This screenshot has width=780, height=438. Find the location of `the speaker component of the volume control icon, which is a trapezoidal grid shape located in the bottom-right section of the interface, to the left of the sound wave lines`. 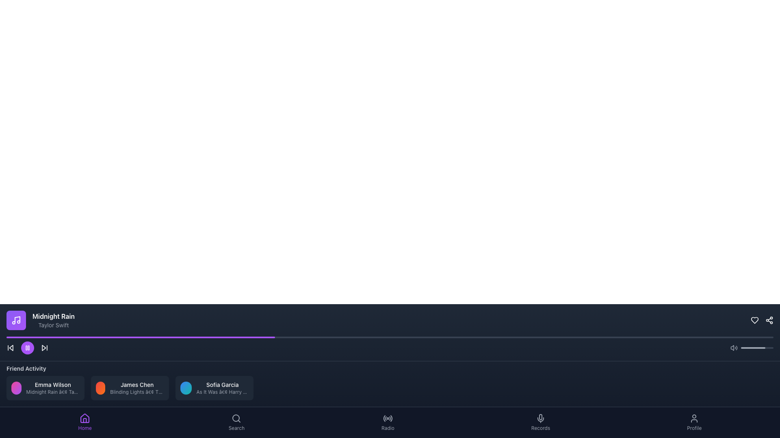

the speaker component of the volume control icon, which is a trapezoidal grid shape located in the bottom-right section of the interface, to the left of the sound wave lines is located at coordinates (732, 347).